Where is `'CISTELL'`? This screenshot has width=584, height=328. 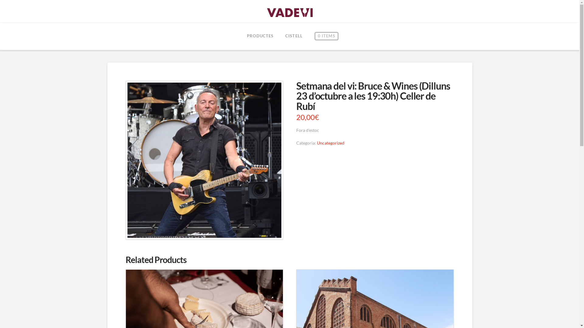
'CISTELL' is located at coordinates (279, 36).